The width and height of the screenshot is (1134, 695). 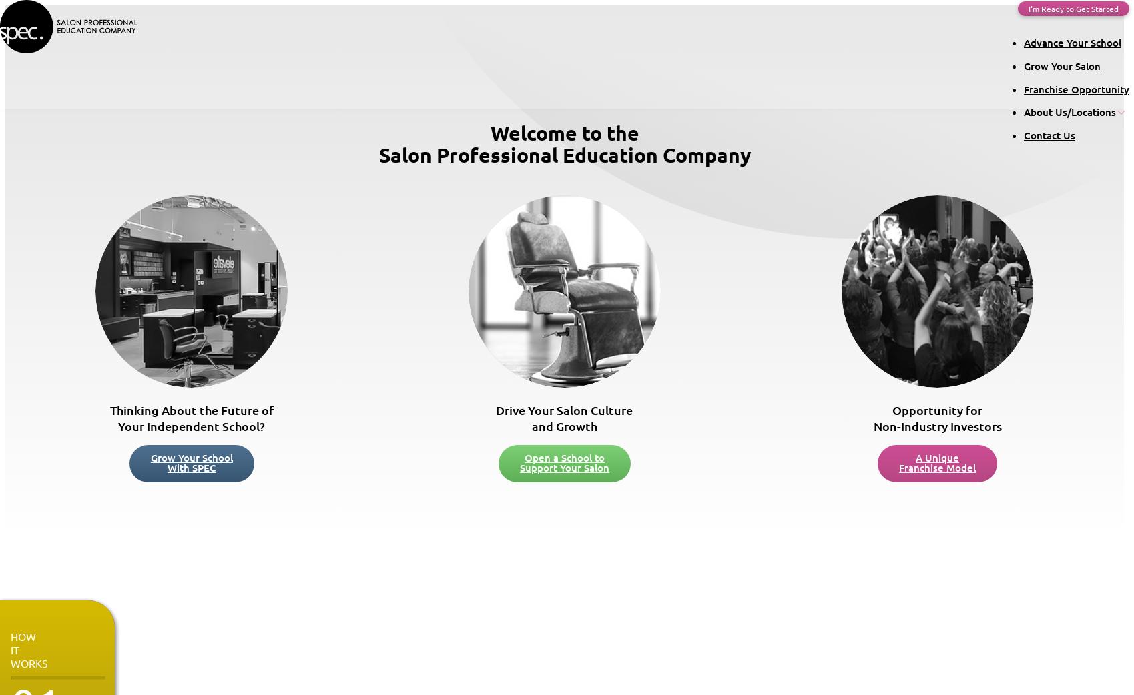 I want to click on 'Welcome to the', so click(x=564, y=132).